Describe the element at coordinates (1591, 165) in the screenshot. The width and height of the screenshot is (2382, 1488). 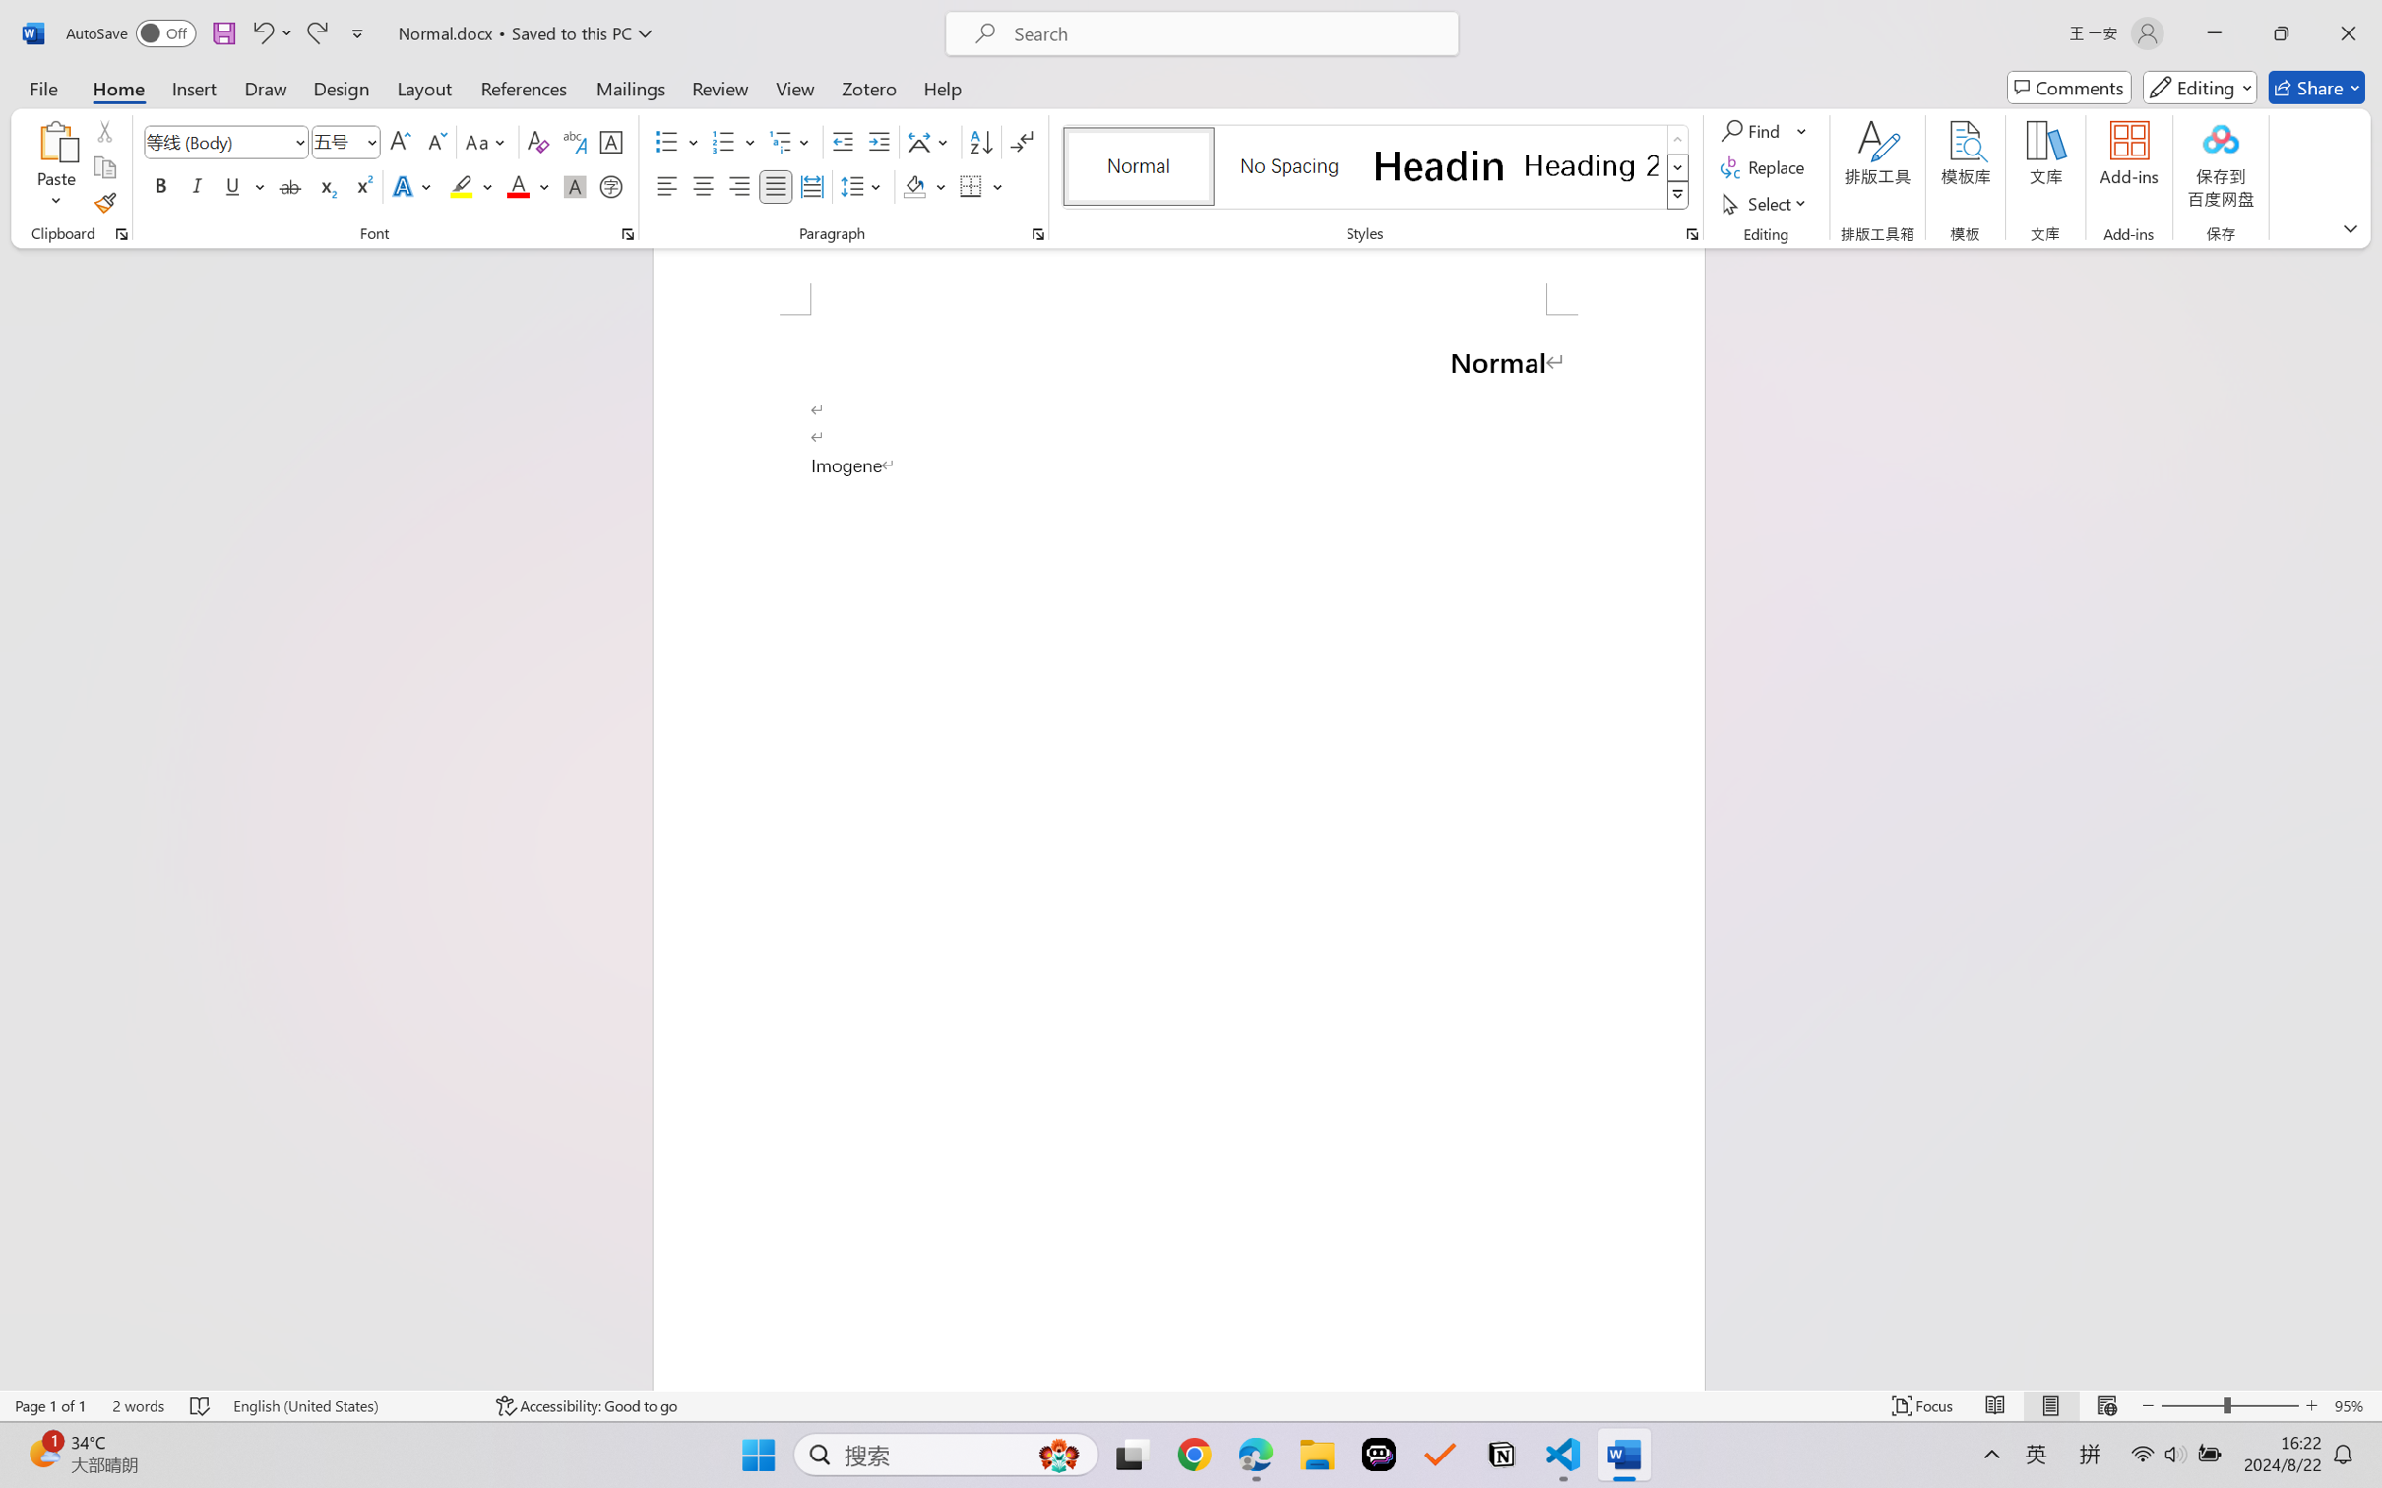
I see `'Heading 2'` at that location.